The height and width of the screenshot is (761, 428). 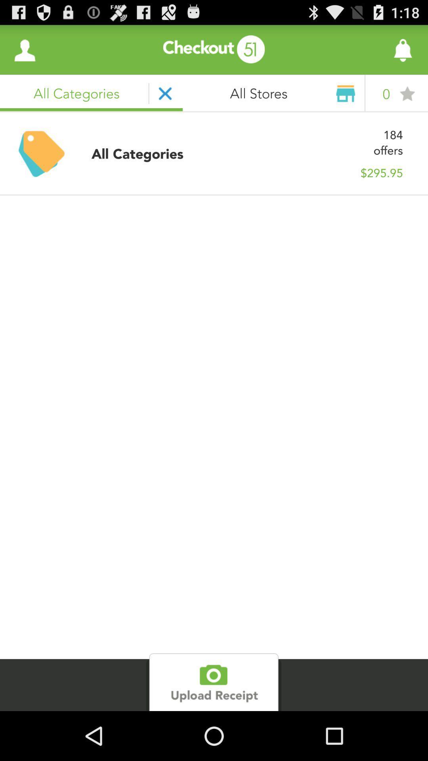 What do you see at coordinates (24, 49) in the screenshot?
I see `the item next to all stores icon` at bounding box center [24, 49].